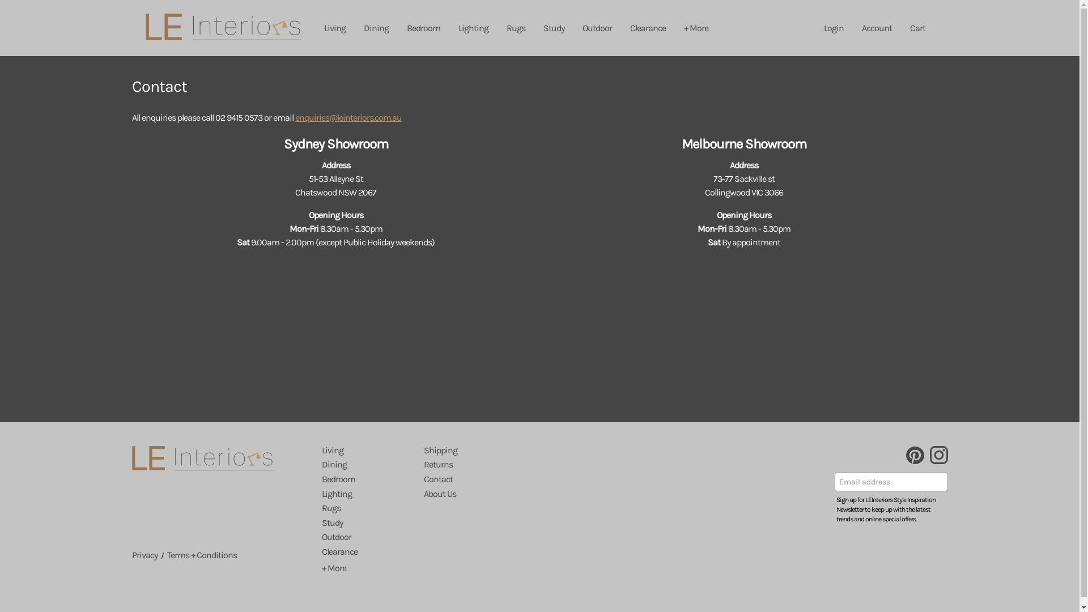 The image size is (1088, 612). I want to click on 'Rugs', so click(515, 27).